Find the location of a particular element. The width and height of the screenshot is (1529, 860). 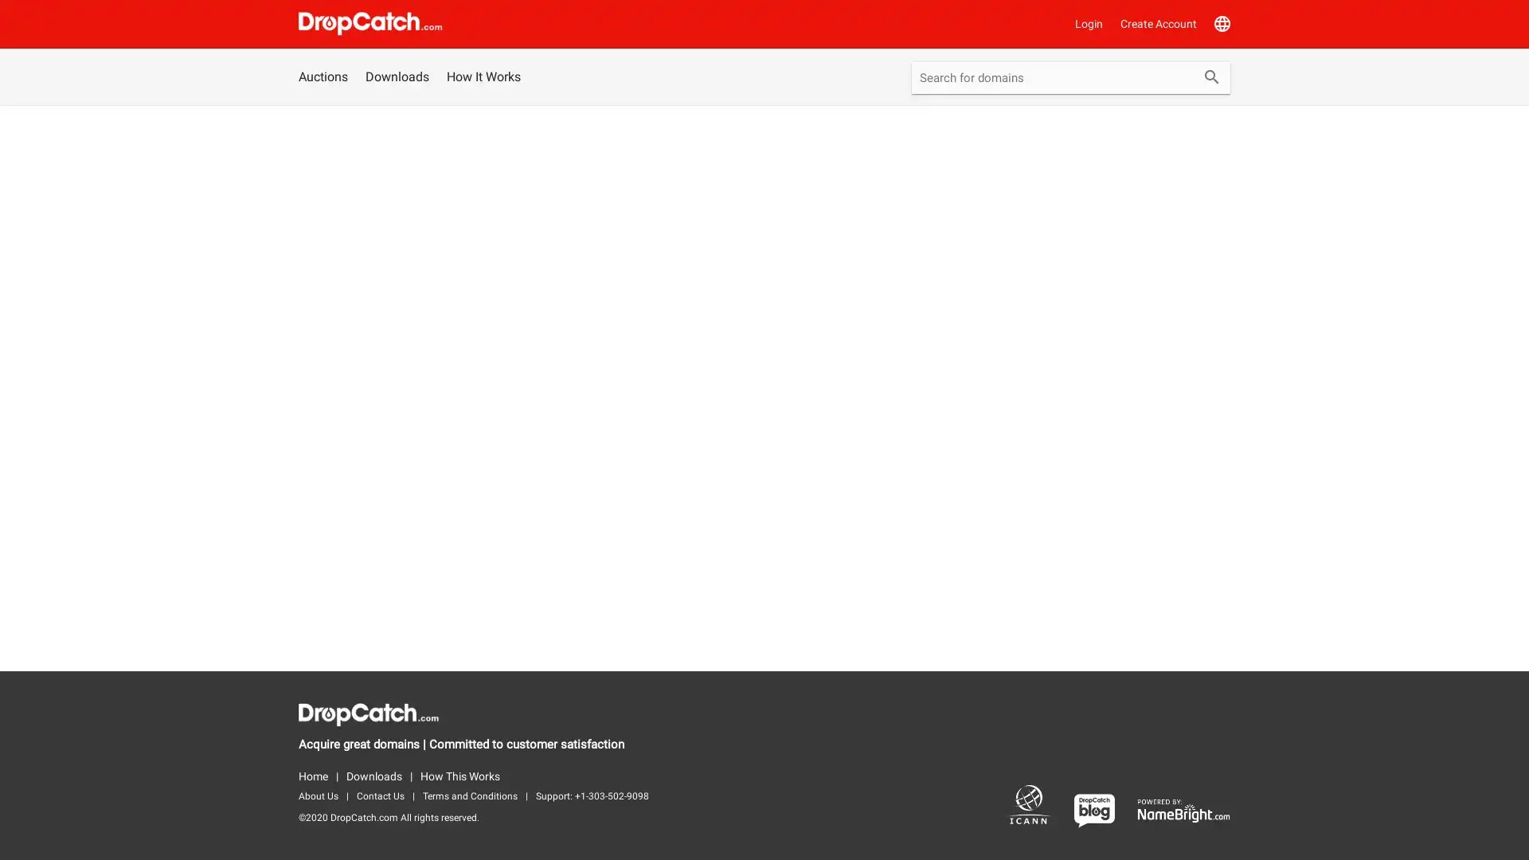

Bid is located at coordinates (1196, 349).